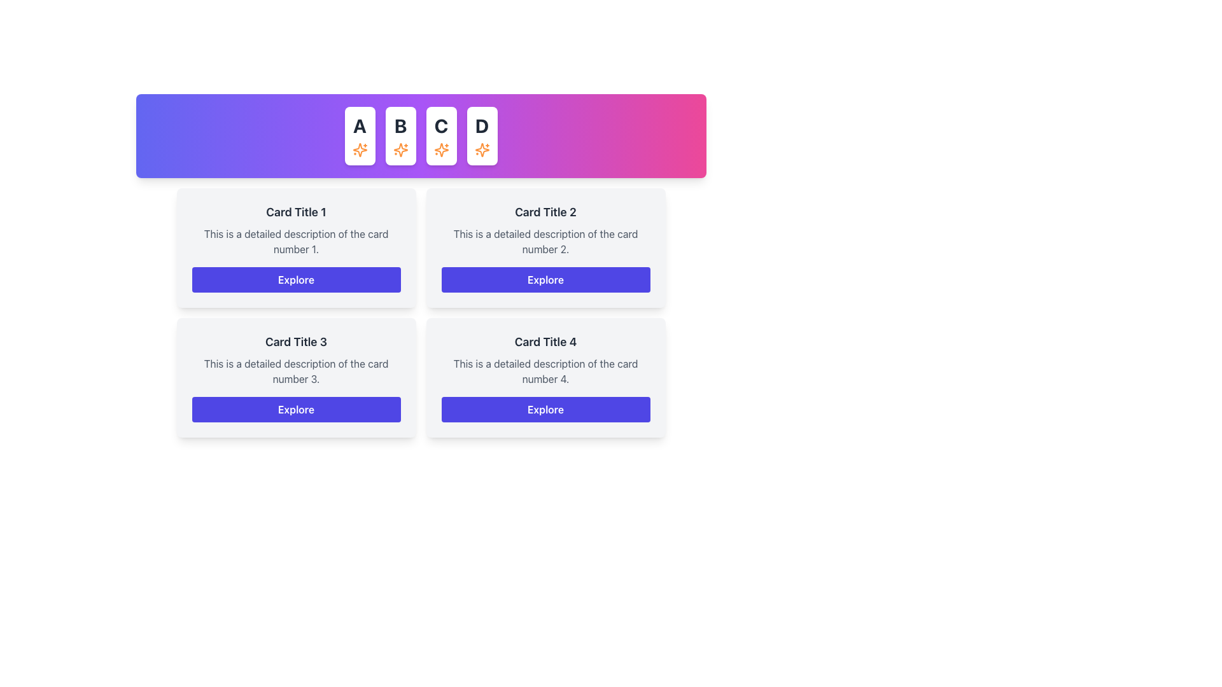 This screenshot has width=1222, height=687. What do you see at coordinates (295, 279) in the screenshot?
I see `the 'Explore' button located at the bottom of the card panel with the heading 'Card Title 1'` at bounding box center [295, 279].